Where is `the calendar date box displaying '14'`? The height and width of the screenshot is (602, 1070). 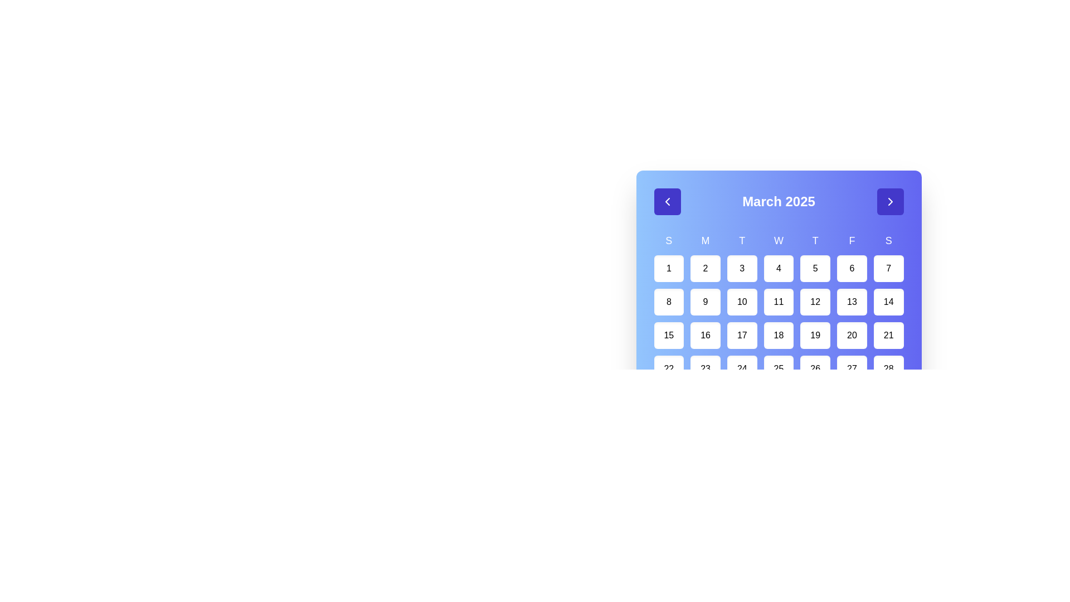 the calendar date box displaying '14' is located at coordinates (888, 302).